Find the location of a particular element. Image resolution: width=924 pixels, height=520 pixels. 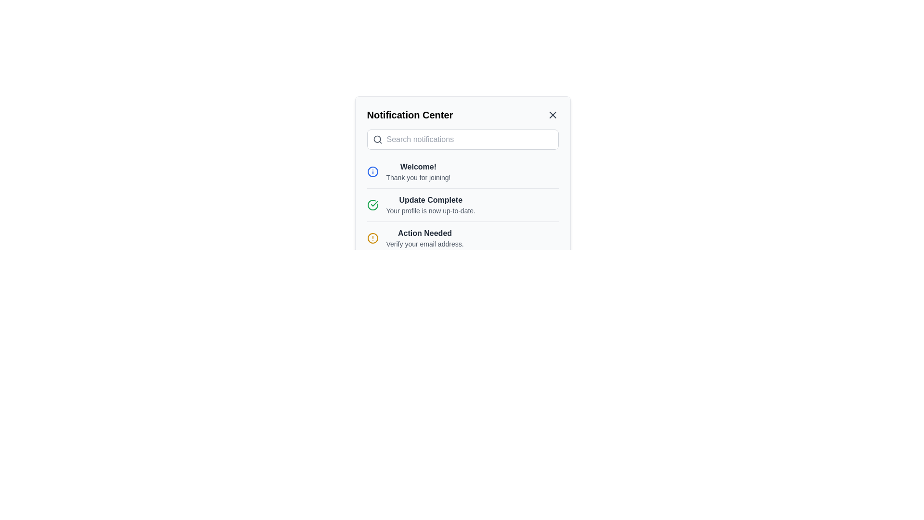

text snippet stating 'Your profile is now up-to-date.' located beneath the bold heading 'Update Complete' in the second notification entry of the 'Notification Center.' is located at coordinates (430, 210).